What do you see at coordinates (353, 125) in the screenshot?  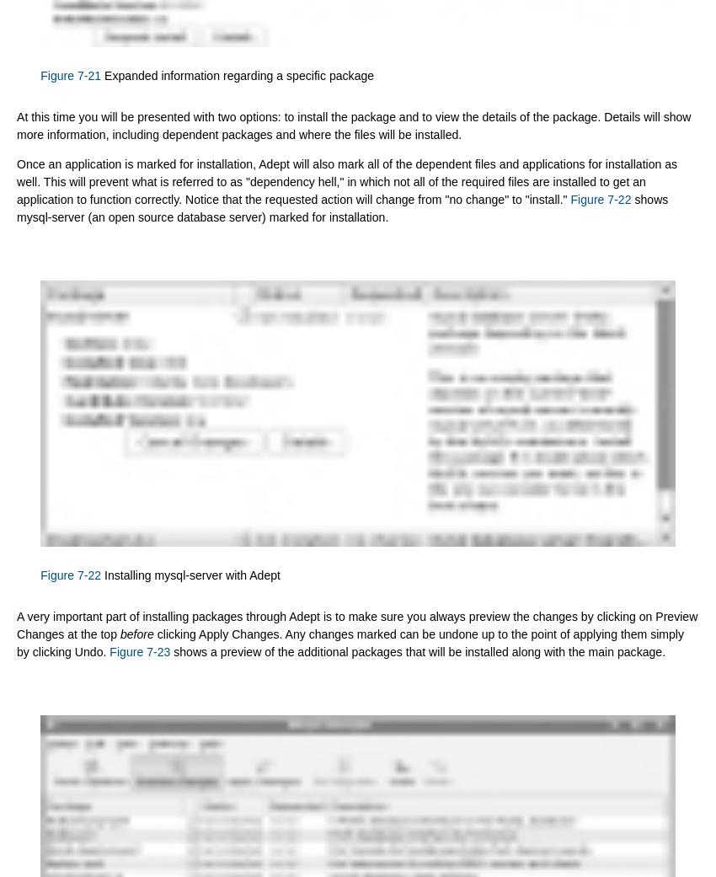 I see `'At this time you will be presented with two options: to install the package and to view the details of the package. Details will show more information, including dependent packages and where the files will be installed.'` at bounding box center [353, 125].